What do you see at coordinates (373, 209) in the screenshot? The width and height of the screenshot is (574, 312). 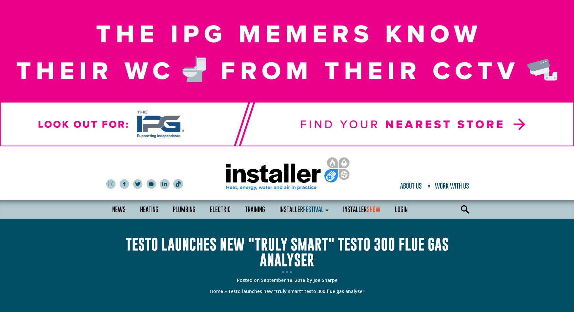 I see `'Show'` at bounding box center [373, 209].